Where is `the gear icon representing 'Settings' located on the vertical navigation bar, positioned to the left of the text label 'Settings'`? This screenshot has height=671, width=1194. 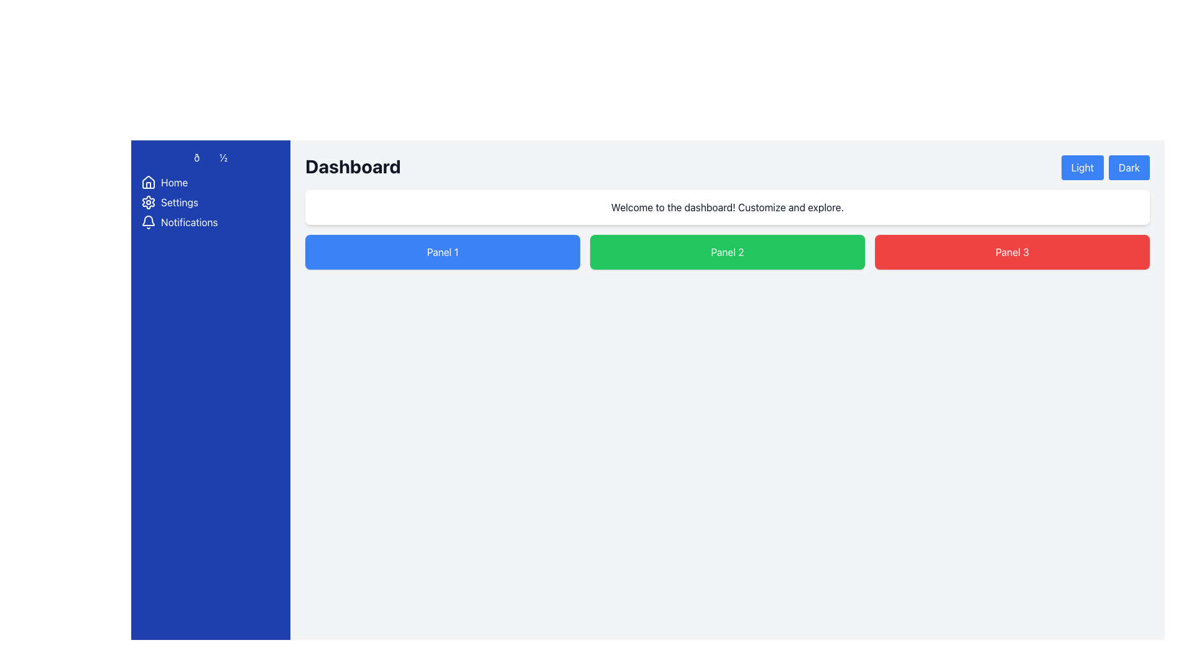 the gear icon representing 'Settings' located on the vertical navigation bar, positioned to the left of the text label 'Settings' is located at coordinates (149, 202).